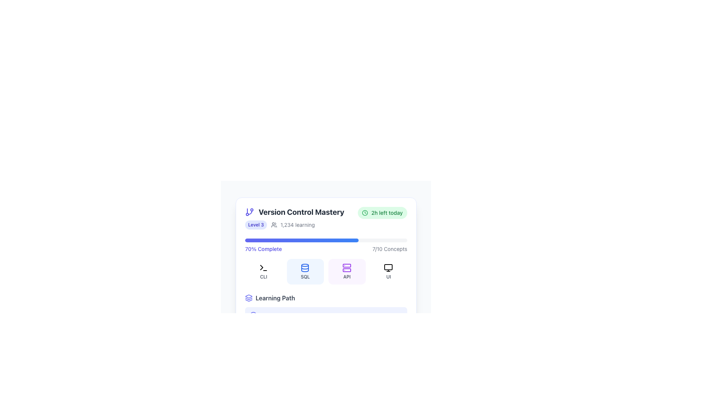  What do you see at coordinates (346, 272) in the screenshot?
I see `the third card` at bounding box center [346, 272].